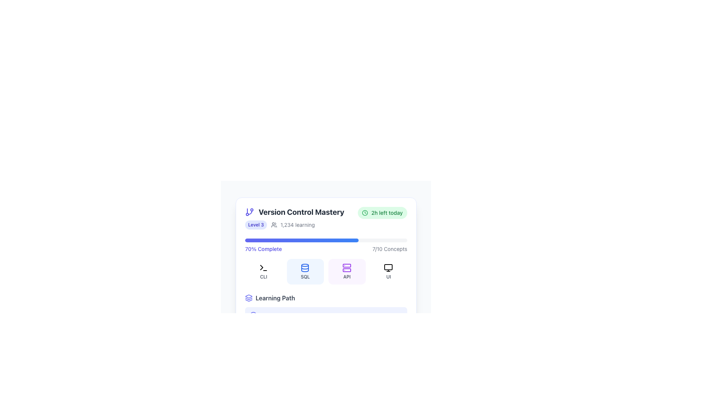  What do you see at coordinates (346, 272) in the screenshot?
I see `the third card` at bounding box center [346, 272].